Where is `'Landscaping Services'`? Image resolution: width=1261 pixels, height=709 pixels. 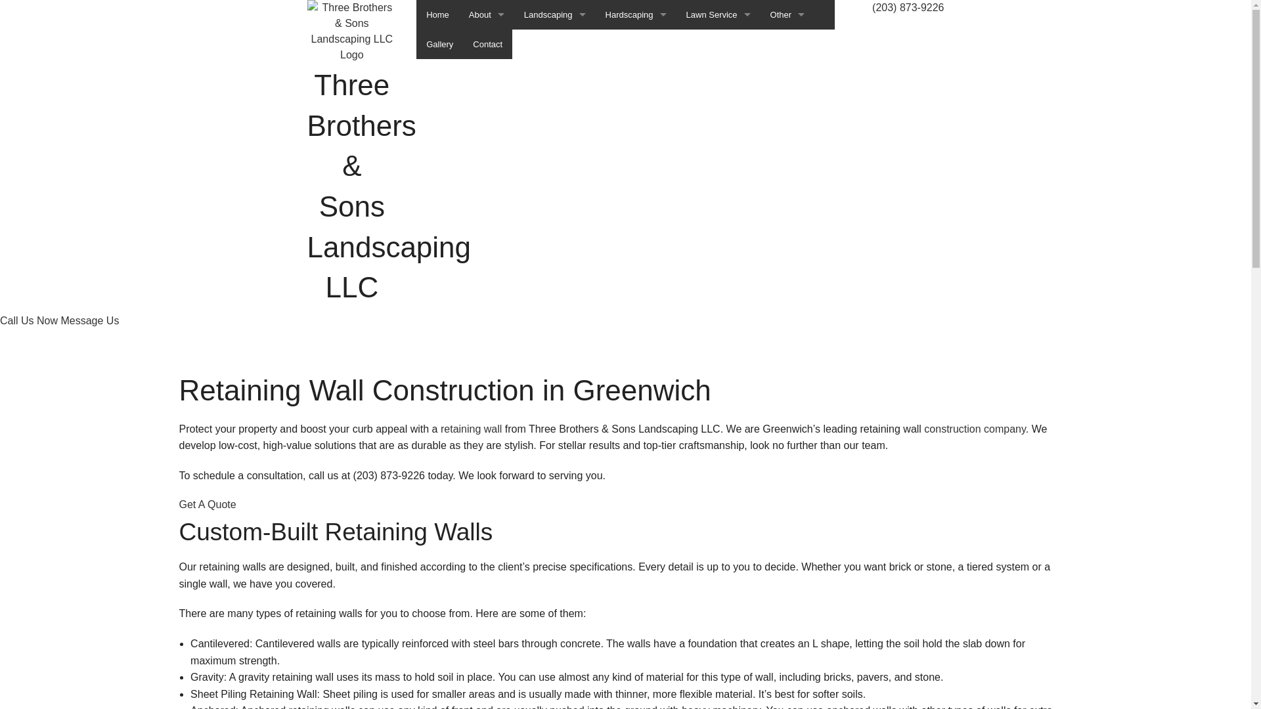 'Landscaping Services' is located at coordinates (554, 133).